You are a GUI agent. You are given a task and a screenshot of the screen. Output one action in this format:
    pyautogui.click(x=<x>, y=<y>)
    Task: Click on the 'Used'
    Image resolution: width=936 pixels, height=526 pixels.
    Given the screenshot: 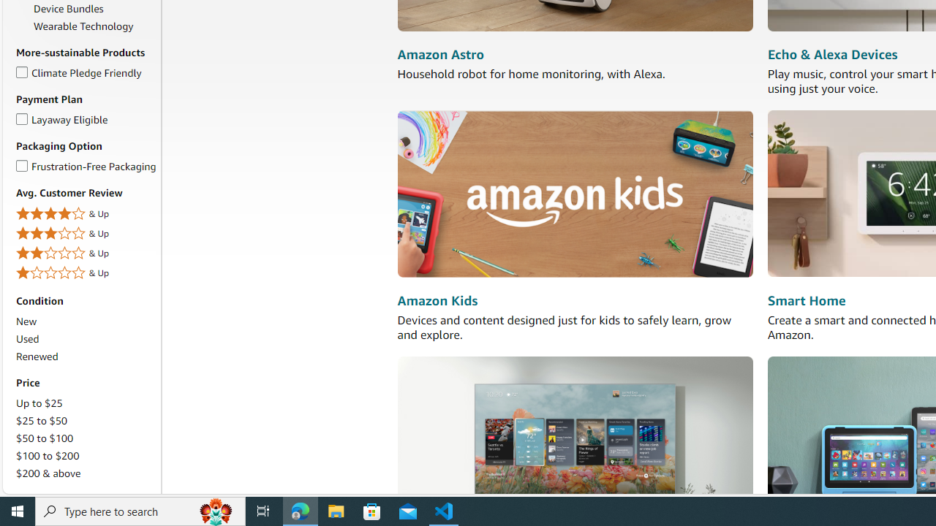 What is the action you would take?
    pyautogui.click(x=27, y=339)
    